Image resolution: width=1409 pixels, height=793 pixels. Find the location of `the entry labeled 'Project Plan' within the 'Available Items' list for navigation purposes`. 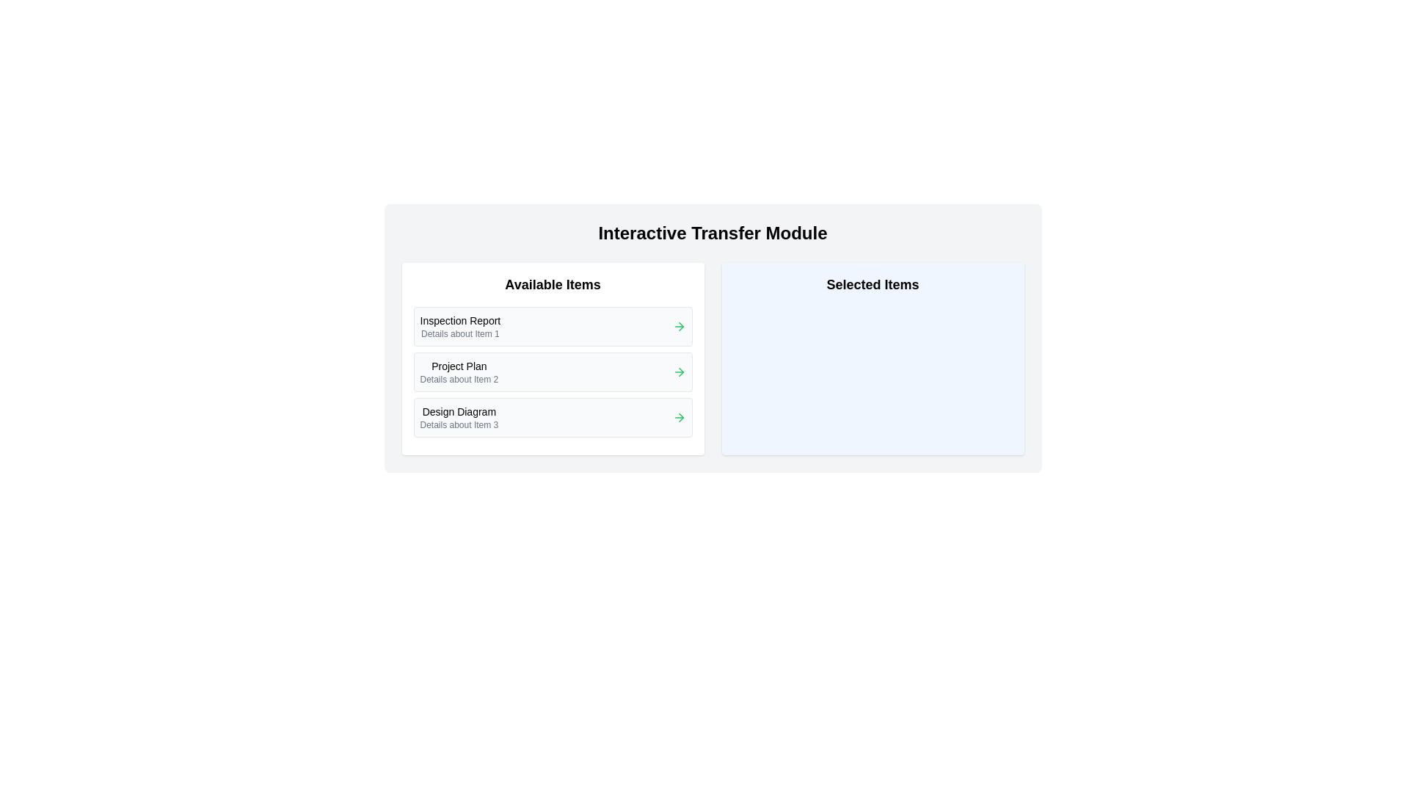

the entry labeled 'Project Plan' within the 'Available Items' list for navigation purposes is located at coordinates (552, 359).